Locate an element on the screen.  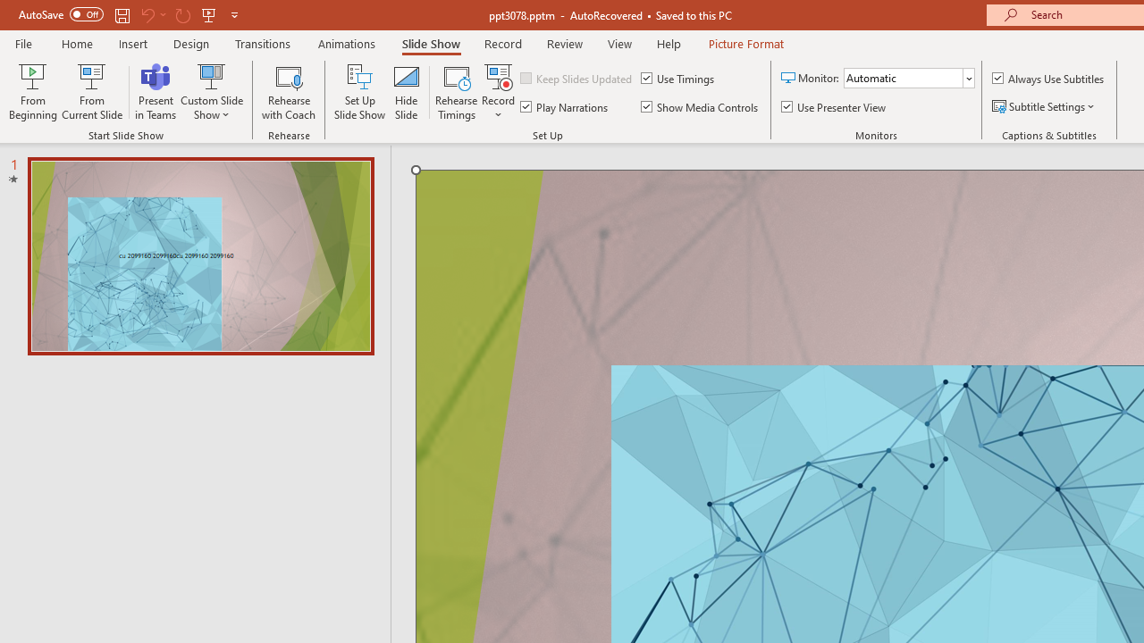
'From Current Slide' is located at coordinates (91, 92).